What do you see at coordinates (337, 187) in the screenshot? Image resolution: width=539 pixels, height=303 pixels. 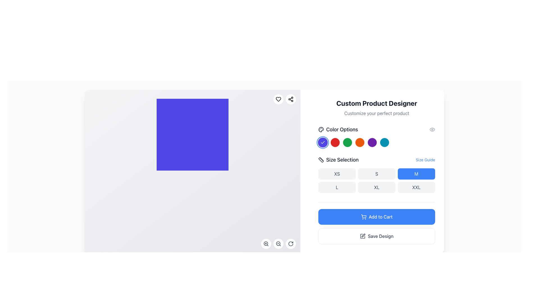 I see `the 'L' button in the Size Selection section` at bounding box center [337, 187].